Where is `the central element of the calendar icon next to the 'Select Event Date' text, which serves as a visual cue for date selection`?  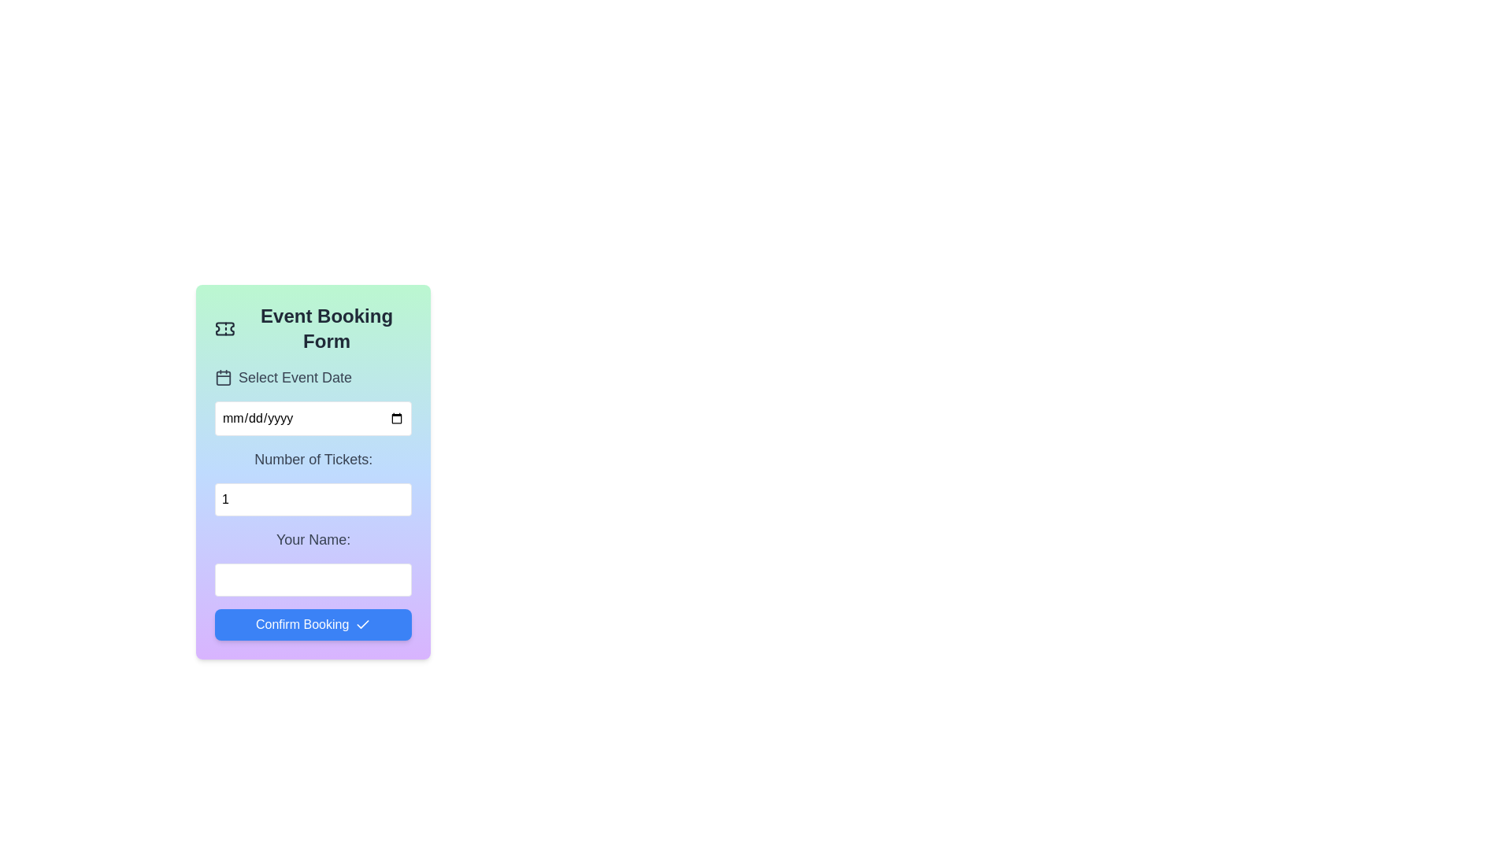
the central element of the calendar icon next to the 'Select Event Date' text, which serves as a visual cue for date selection is located at coordinates (222, 377).